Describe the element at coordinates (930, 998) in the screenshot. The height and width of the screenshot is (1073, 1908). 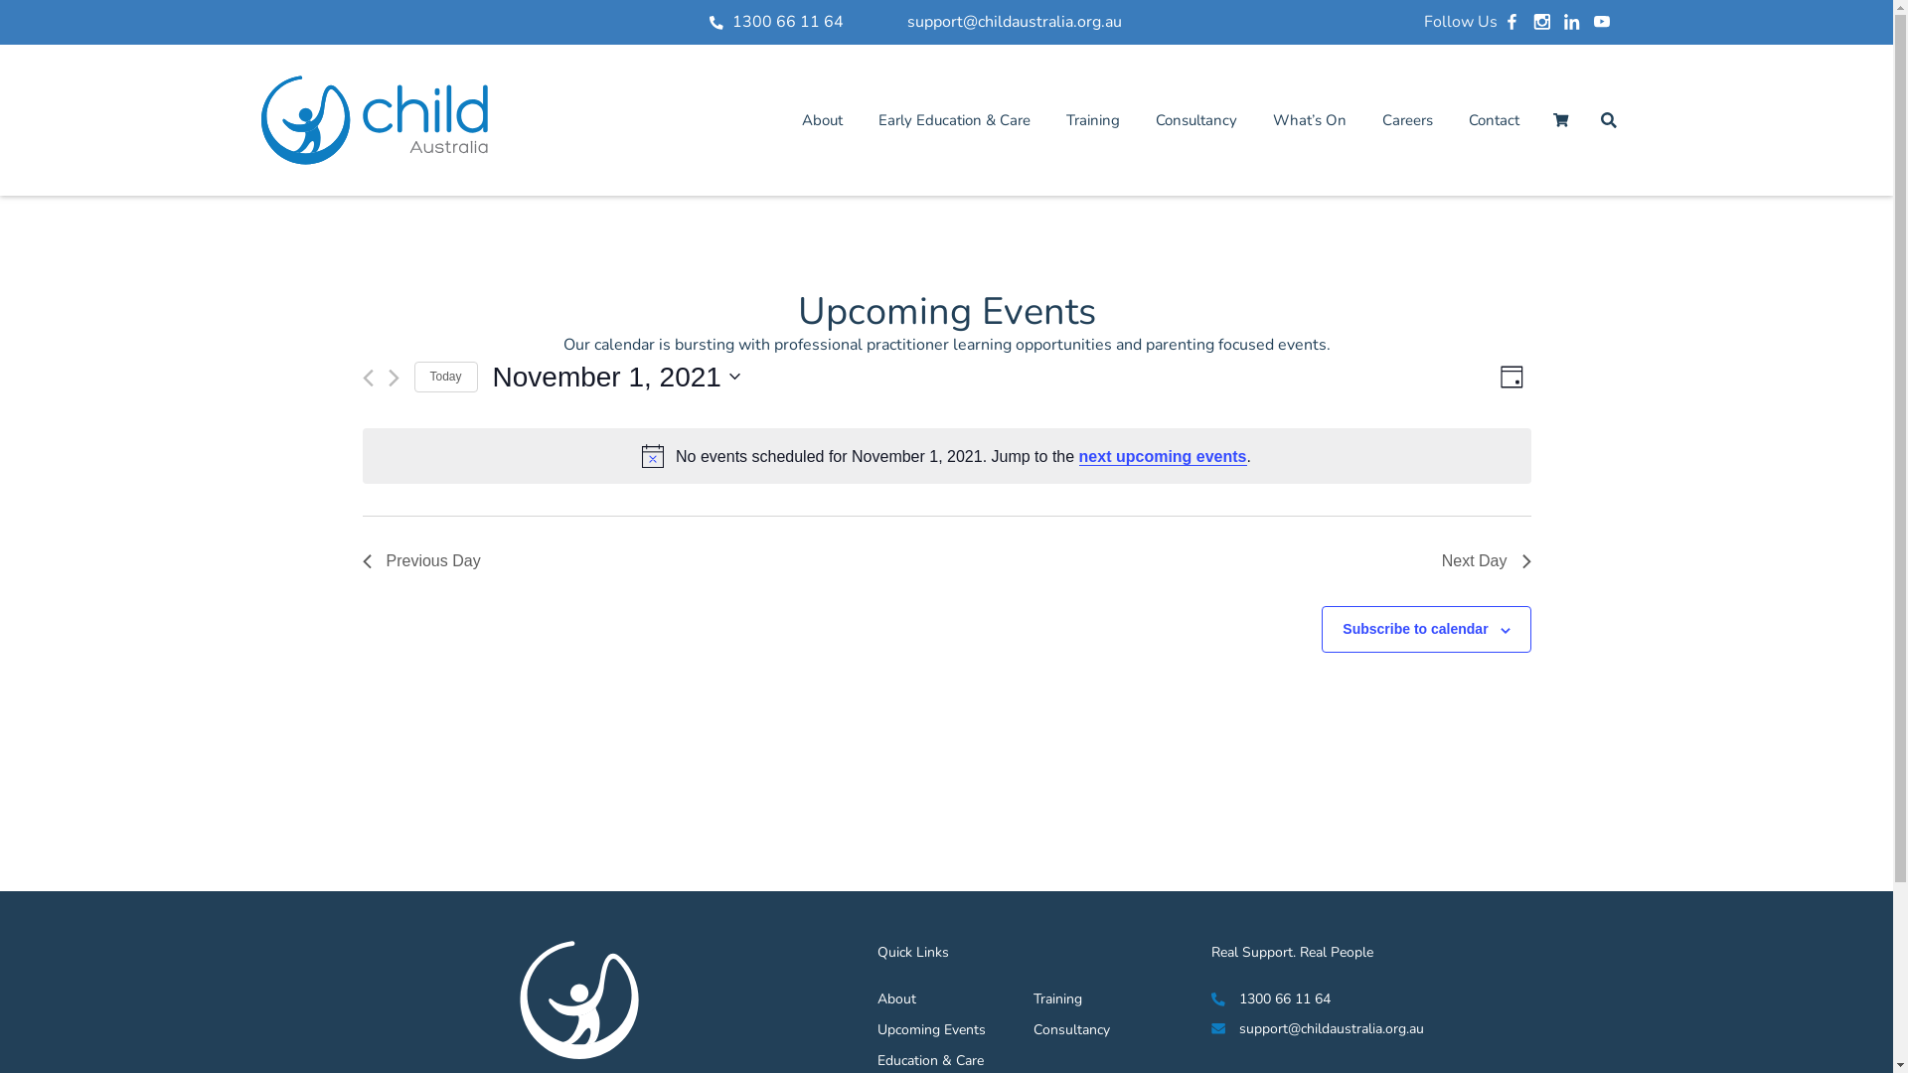
I see `'About'` at that location.